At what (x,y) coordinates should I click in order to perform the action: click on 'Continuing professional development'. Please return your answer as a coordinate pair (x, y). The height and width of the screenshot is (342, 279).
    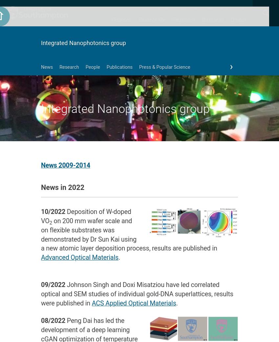
    Looking at the image, I should click on (137, 197).